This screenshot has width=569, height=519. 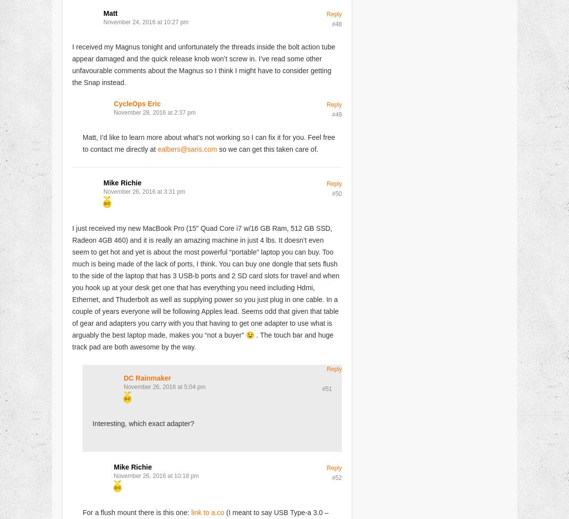 I want to click on 'link to a.co', so click(x=191, y=512).